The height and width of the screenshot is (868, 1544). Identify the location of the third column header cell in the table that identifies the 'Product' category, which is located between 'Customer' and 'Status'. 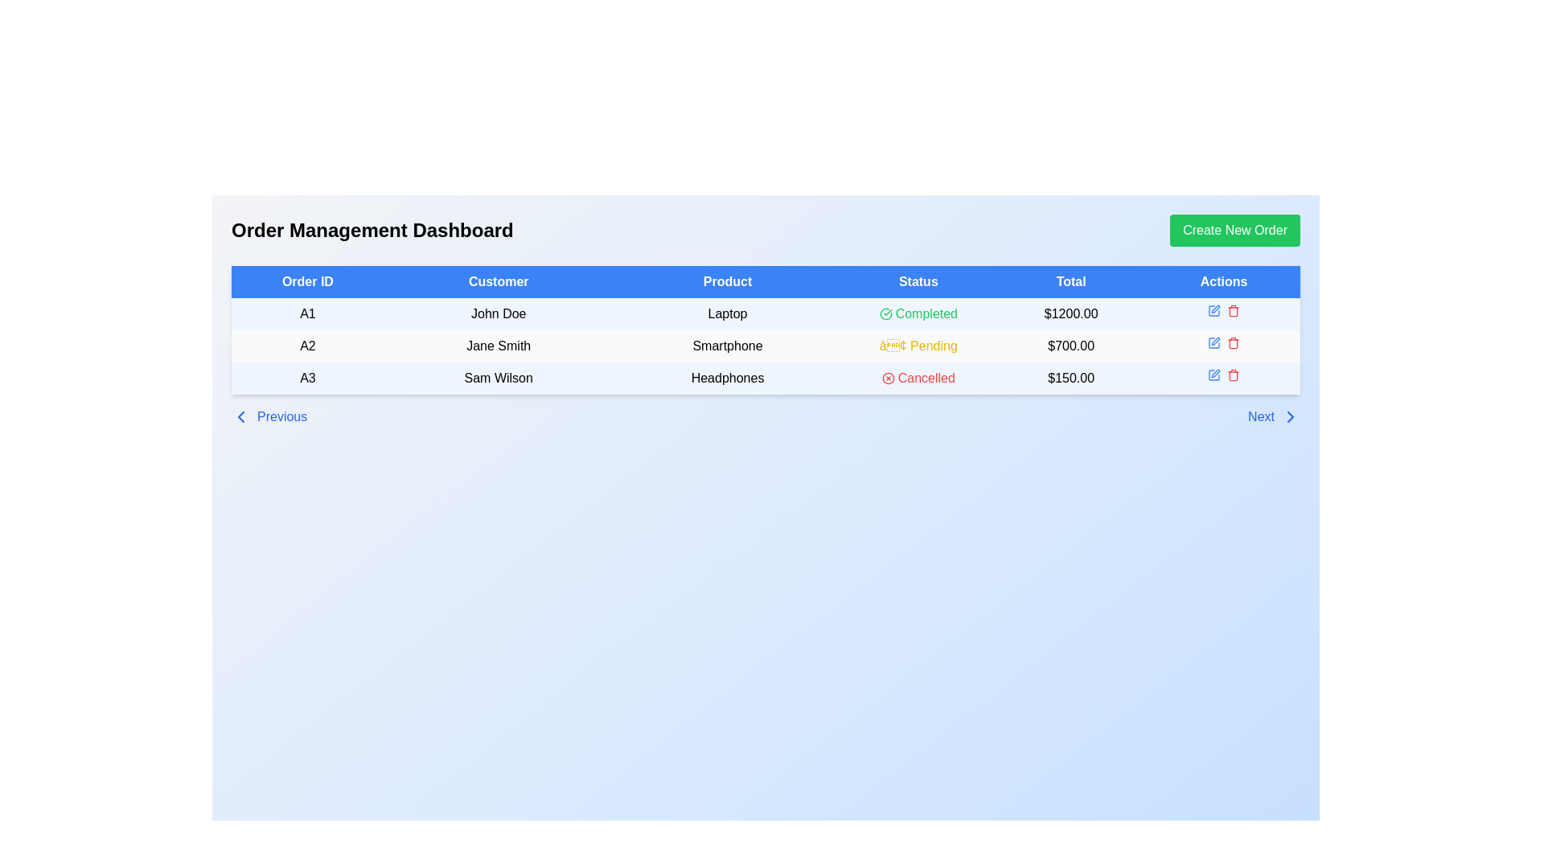
(727, 281).